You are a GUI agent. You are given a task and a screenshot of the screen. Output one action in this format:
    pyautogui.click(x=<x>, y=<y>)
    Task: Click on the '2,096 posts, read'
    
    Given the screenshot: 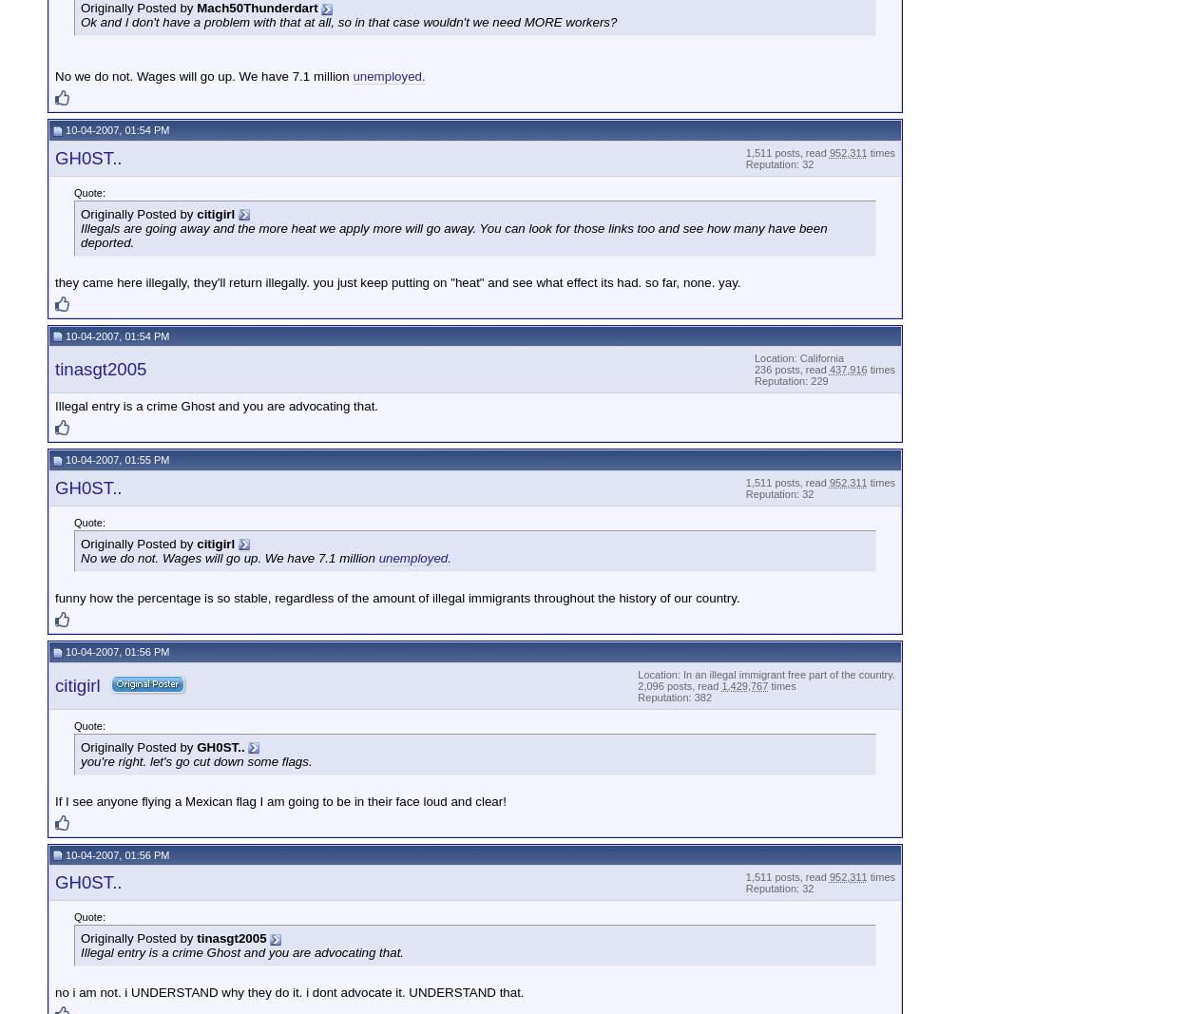 What is the action you would take?
    pyautogui.click(x=678, y=683)
    